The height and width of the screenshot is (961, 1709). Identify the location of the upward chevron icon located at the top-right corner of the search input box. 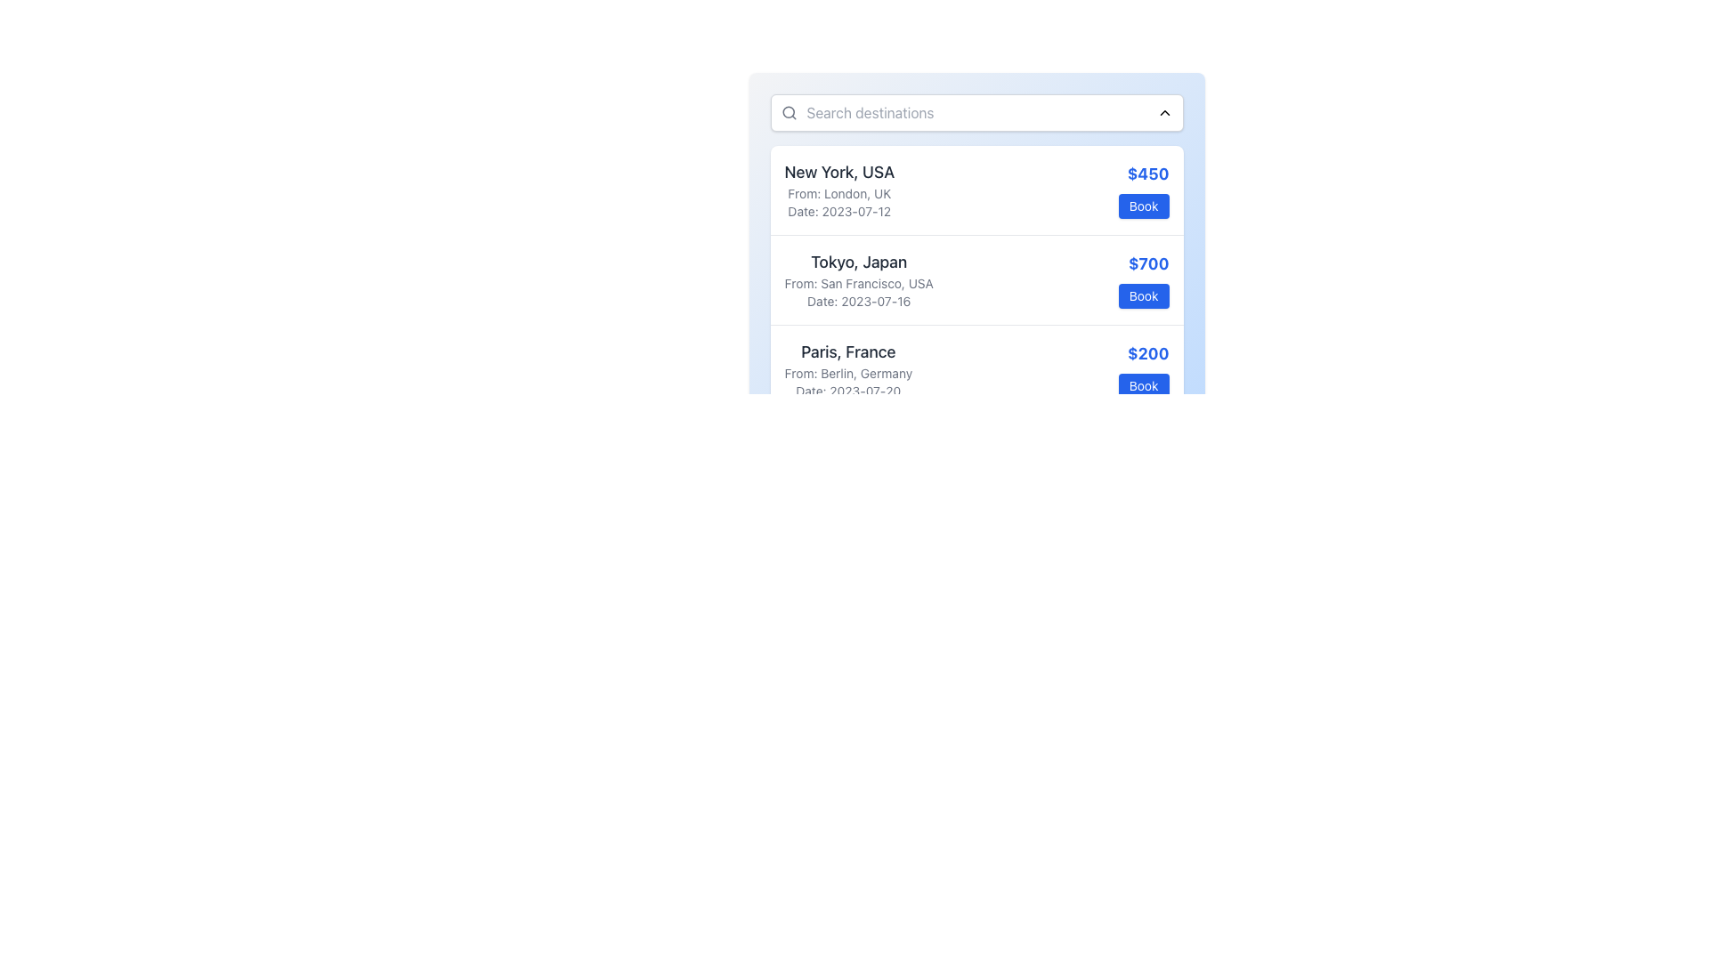
(1164, 113).